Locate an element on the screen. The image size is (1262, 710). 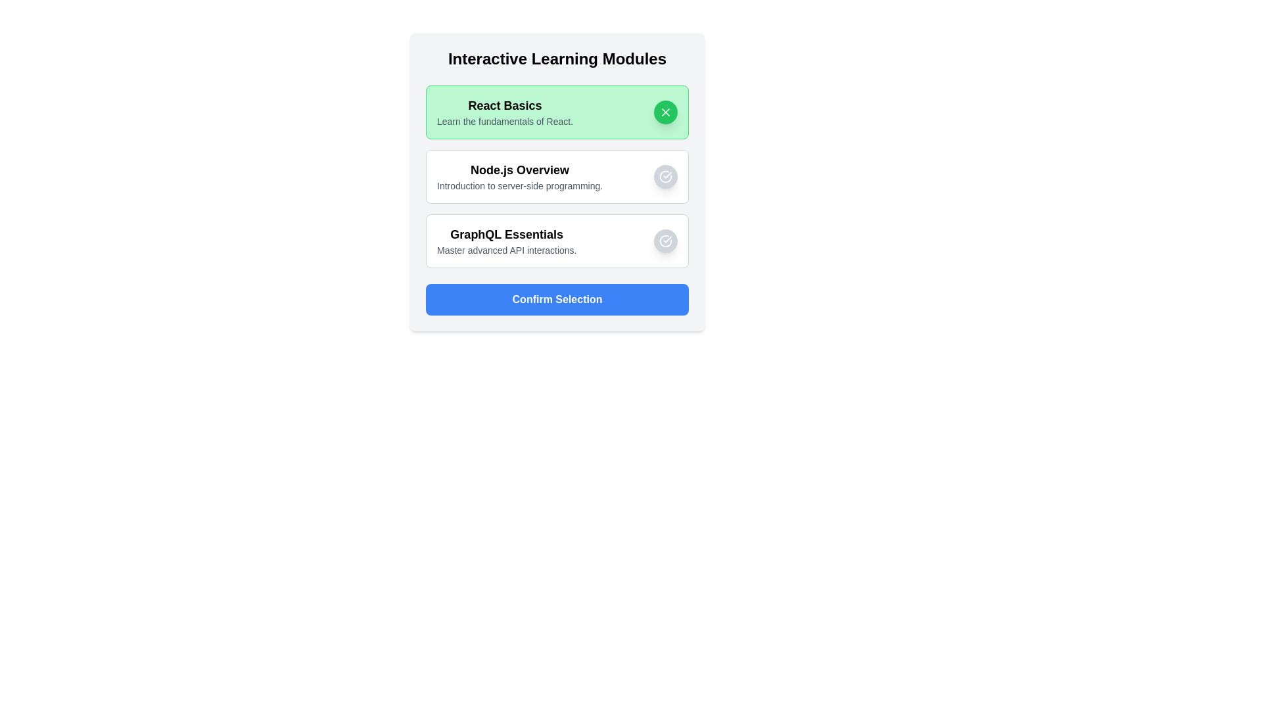
the item React Basics to observe its hover effect is located at coordinates (504, 111).